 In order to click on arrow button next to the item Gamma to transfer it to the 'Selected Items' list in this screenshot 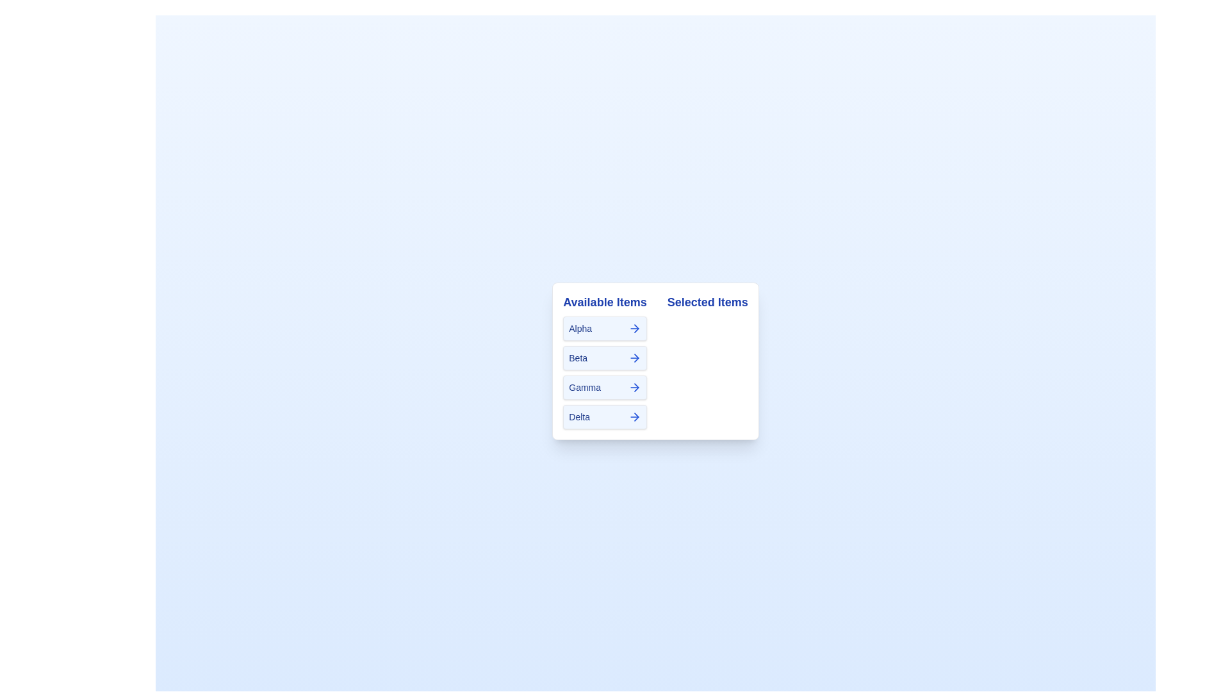, I will do `click(634, 387)`.